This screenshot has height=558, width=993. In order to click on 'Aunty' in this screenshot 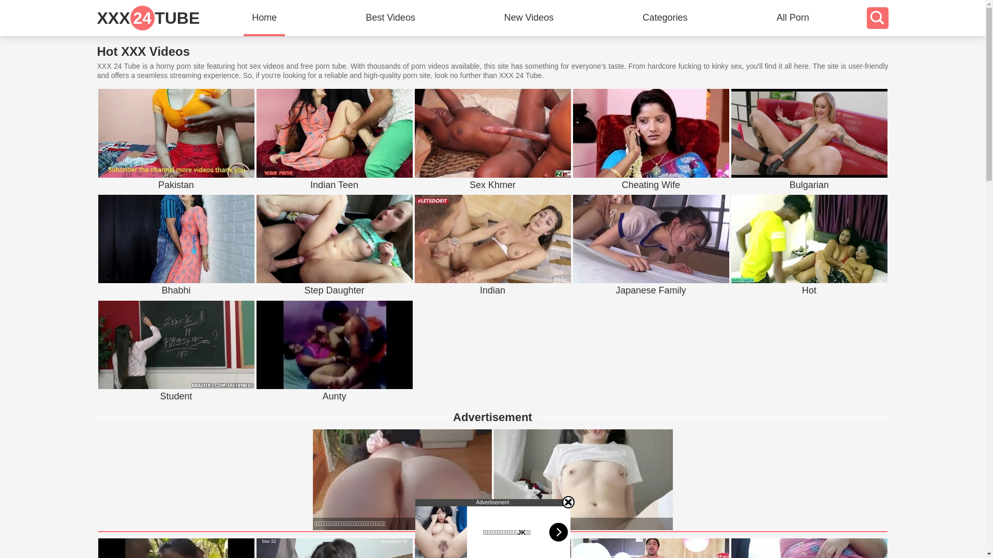, I will do `click(335, 345)`.